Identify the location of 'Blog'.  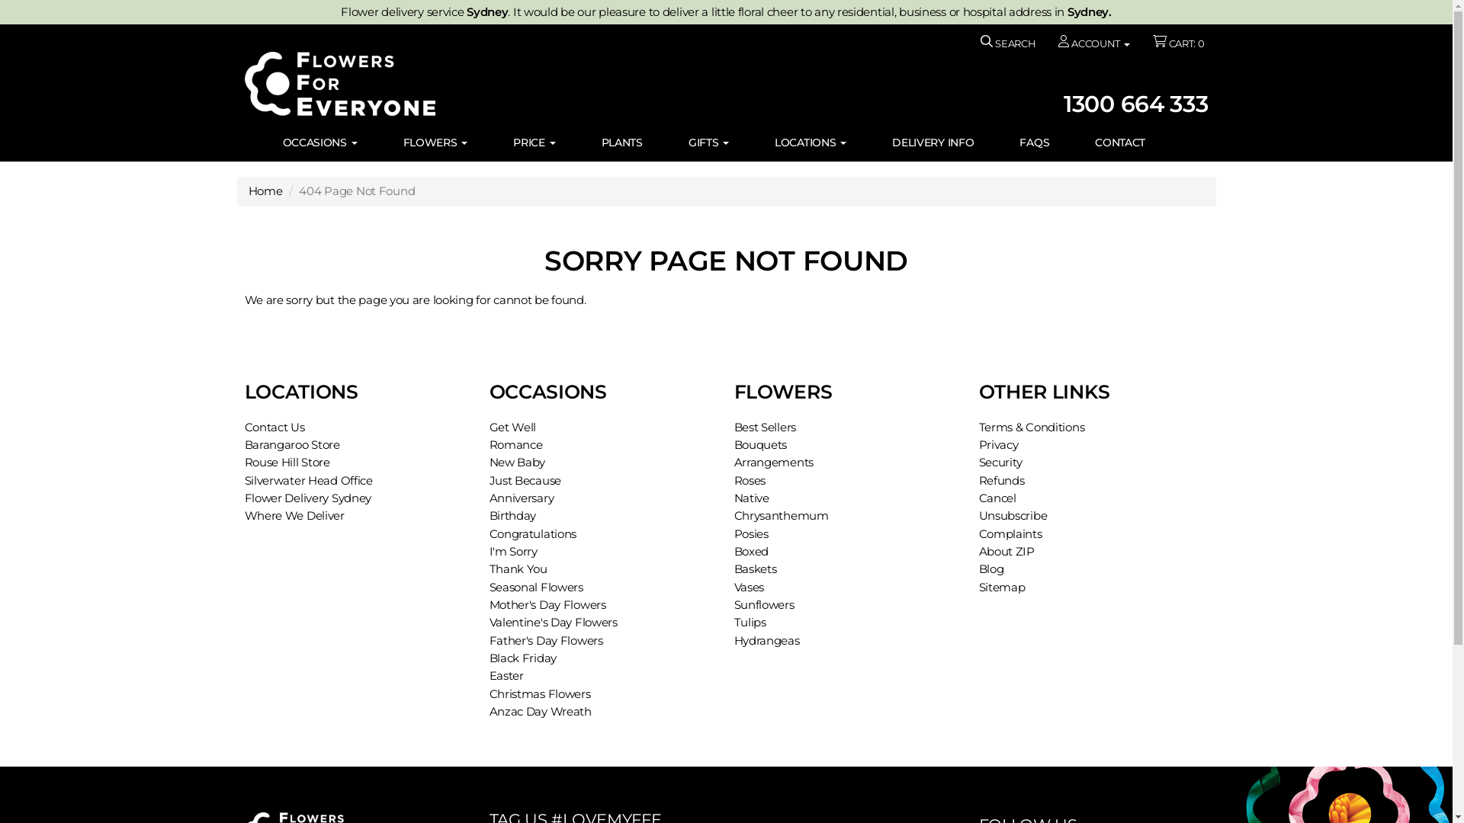
(991, 569).